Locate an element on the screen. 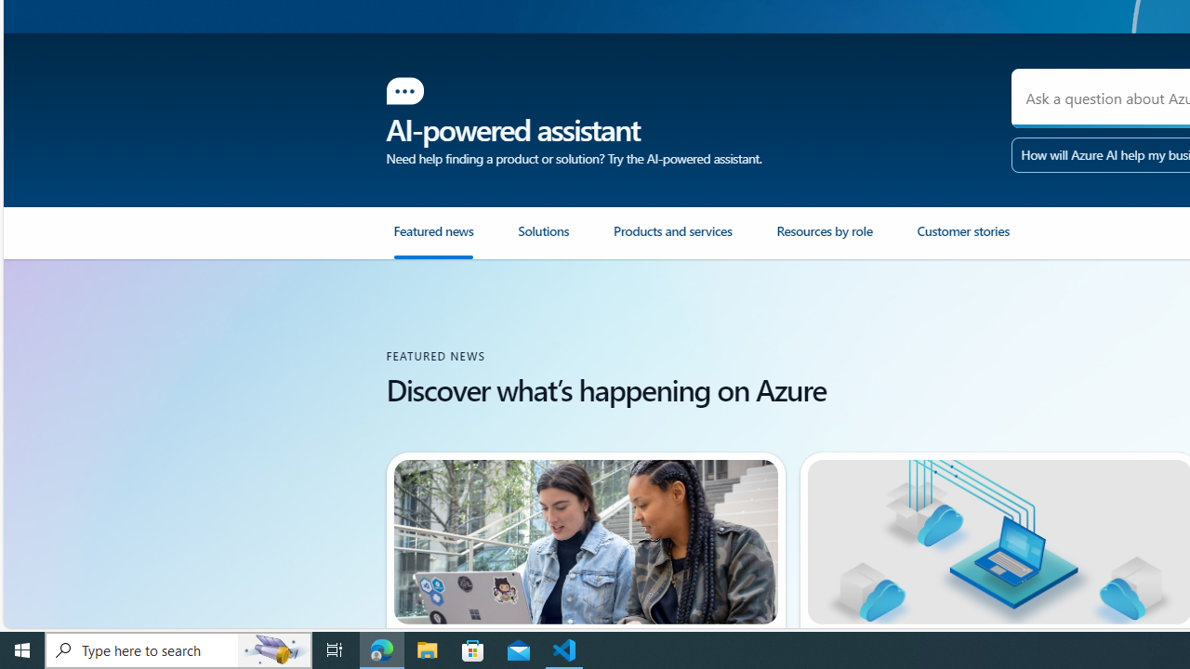  'Products and services' is located at coordinates (672, 238).